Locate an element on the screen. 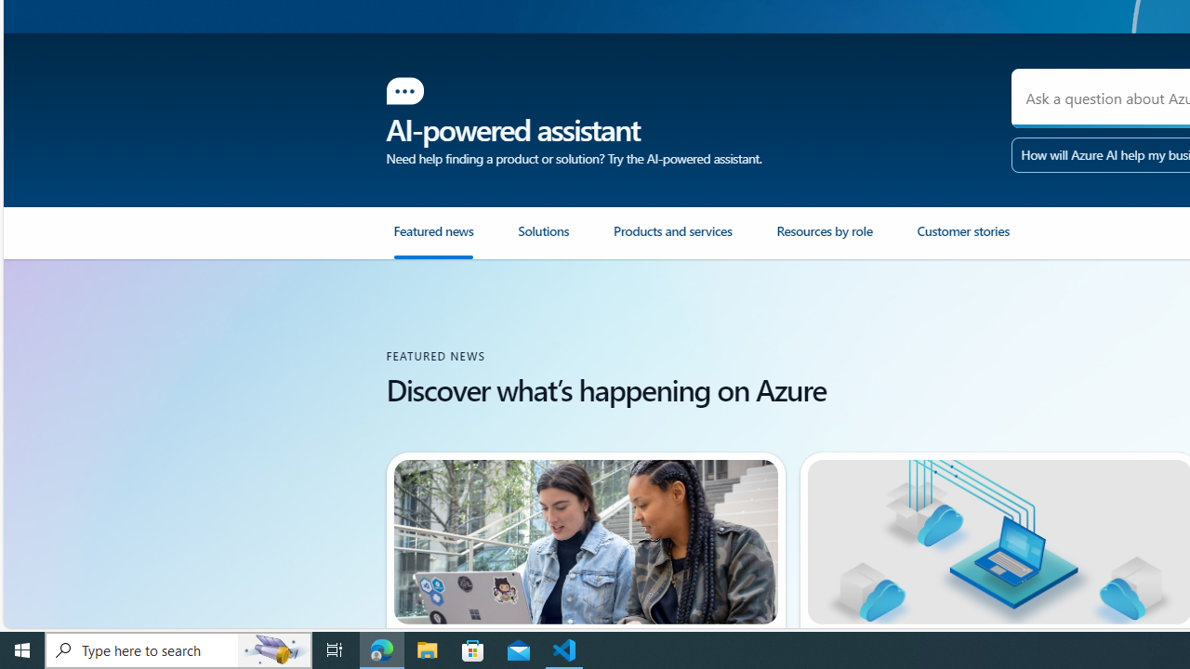  'Products and services' is located at coordinates (672, 238).